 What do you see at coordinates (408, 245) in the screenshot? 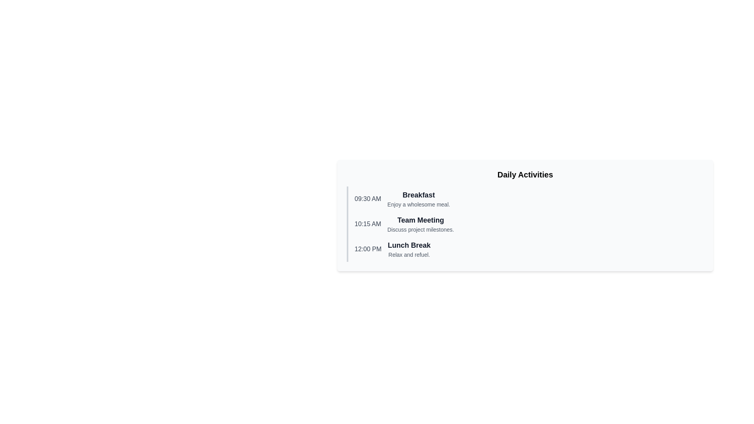
I see `the label for the scheduled event at 12:00 PM, located in the right section of the interface under 'Daily Activities', positioned between 'Team Meeting' and its description 'Relax and refuel.'` at bounding box center [408, 245].